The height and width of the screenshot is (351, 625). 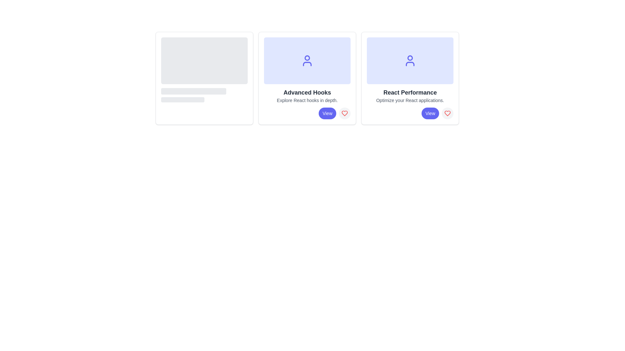 I want to click on the favorite icon located at the bottom-right corner of the 'React Performance' card to mark it as a favorite, so click(x=447, y=113).